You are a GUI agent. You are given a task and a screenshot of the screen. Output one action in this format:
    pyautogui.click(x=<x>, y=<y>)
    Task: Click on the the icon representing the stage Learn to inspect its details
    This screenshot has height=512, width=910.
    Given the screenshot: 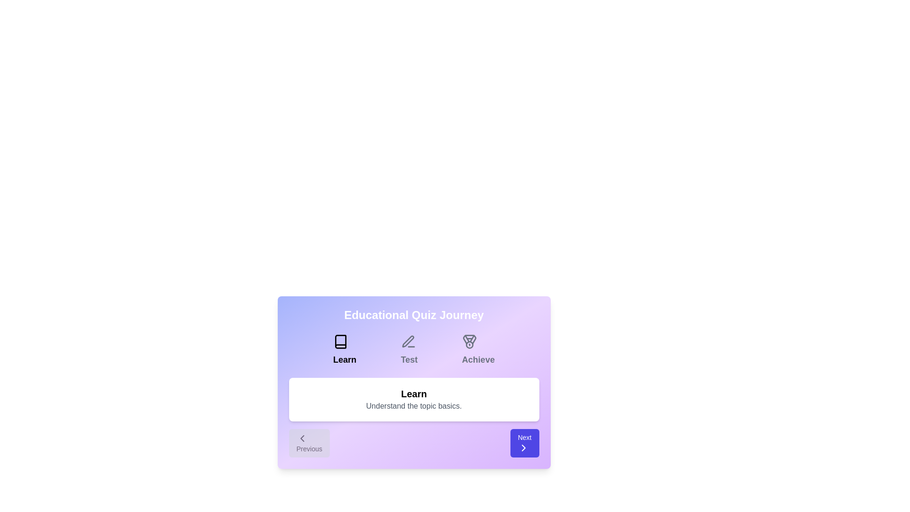 What is the action you would take?
    pyautogui.click(x=341, y=342)
    